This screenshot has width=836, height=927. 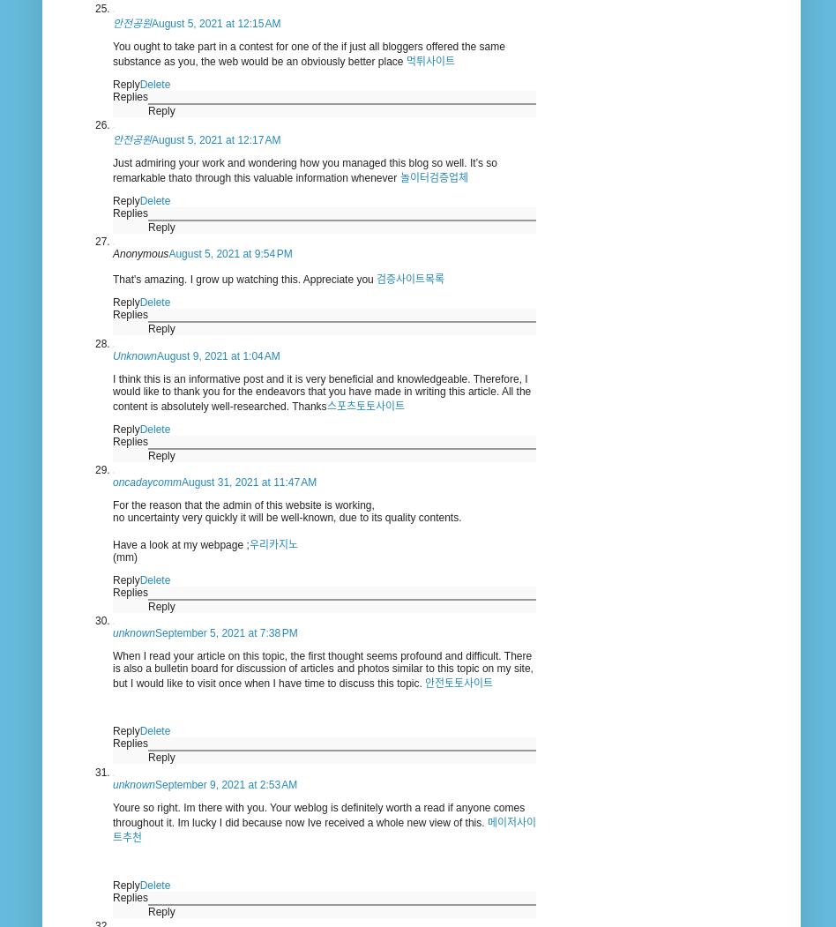 I want to click on 'August 5, 2021 at 12:15 AM', so click(x=215, y=22).